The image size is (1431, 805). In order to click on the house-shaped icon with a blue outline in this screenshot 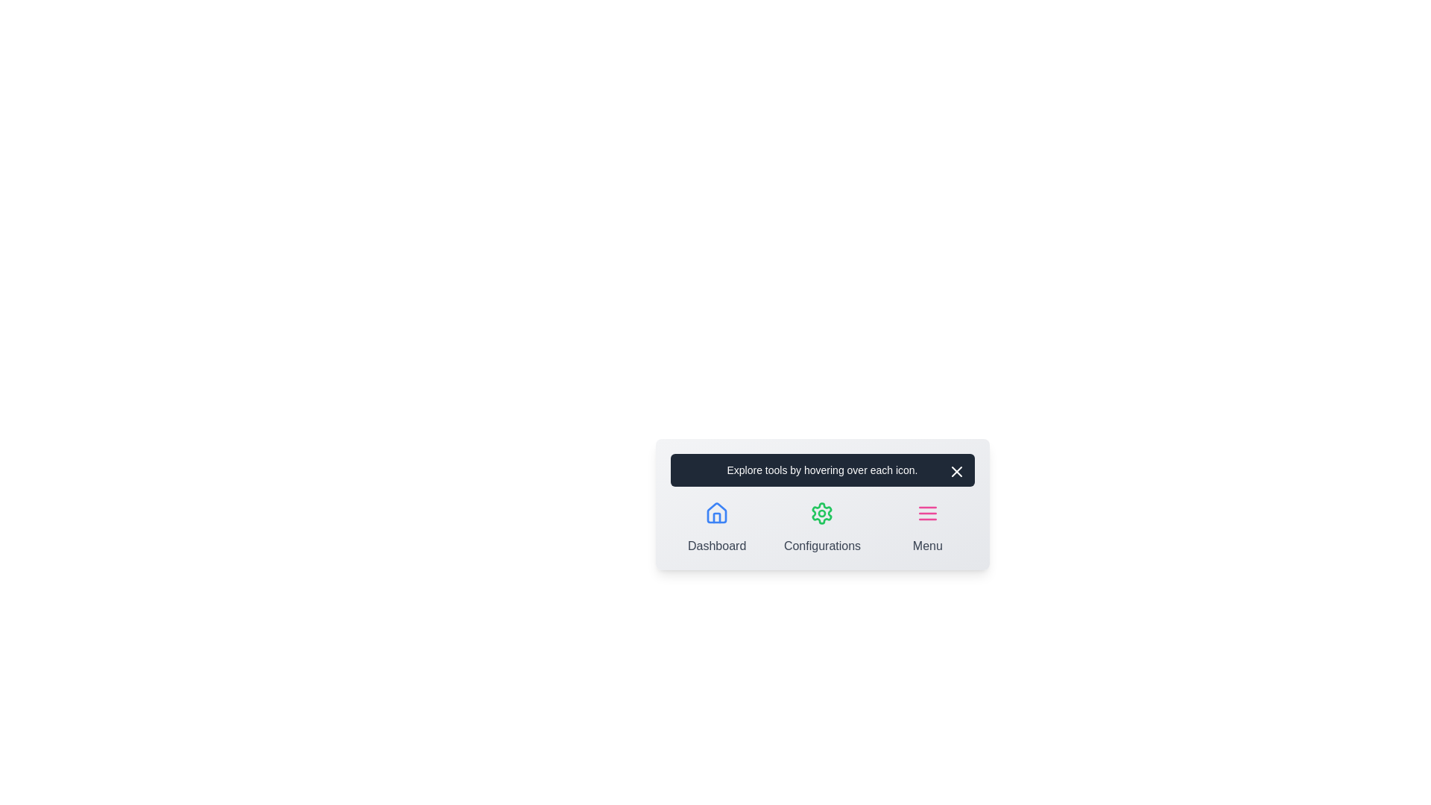, I will do `click(717, 512)`.